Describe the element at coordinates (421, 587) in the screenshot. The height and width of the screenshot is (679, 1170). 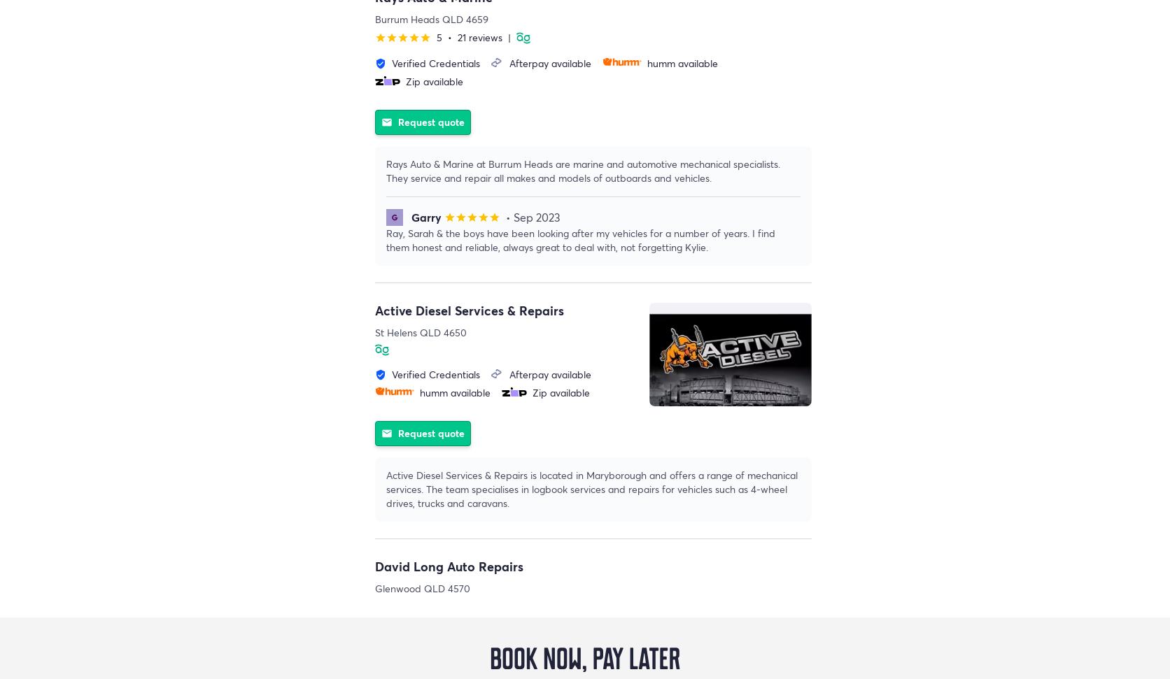
I see `'Glenwood QLD 4570'` at that location.